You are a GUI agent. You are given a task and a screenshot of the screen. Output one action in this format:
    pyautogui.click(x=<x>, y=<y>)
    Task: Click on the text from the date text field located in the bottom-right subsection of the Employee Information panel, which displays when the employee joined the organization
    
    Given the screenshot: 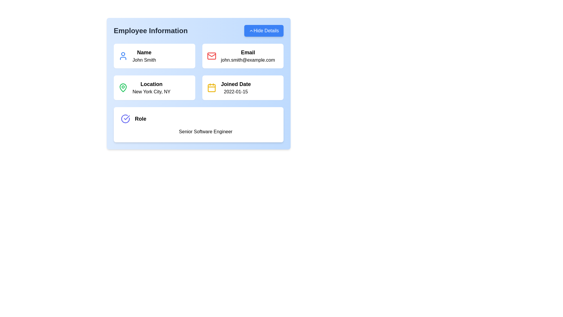 What is the action you would take?
    pyautogui.click(x=236, y=88)
    